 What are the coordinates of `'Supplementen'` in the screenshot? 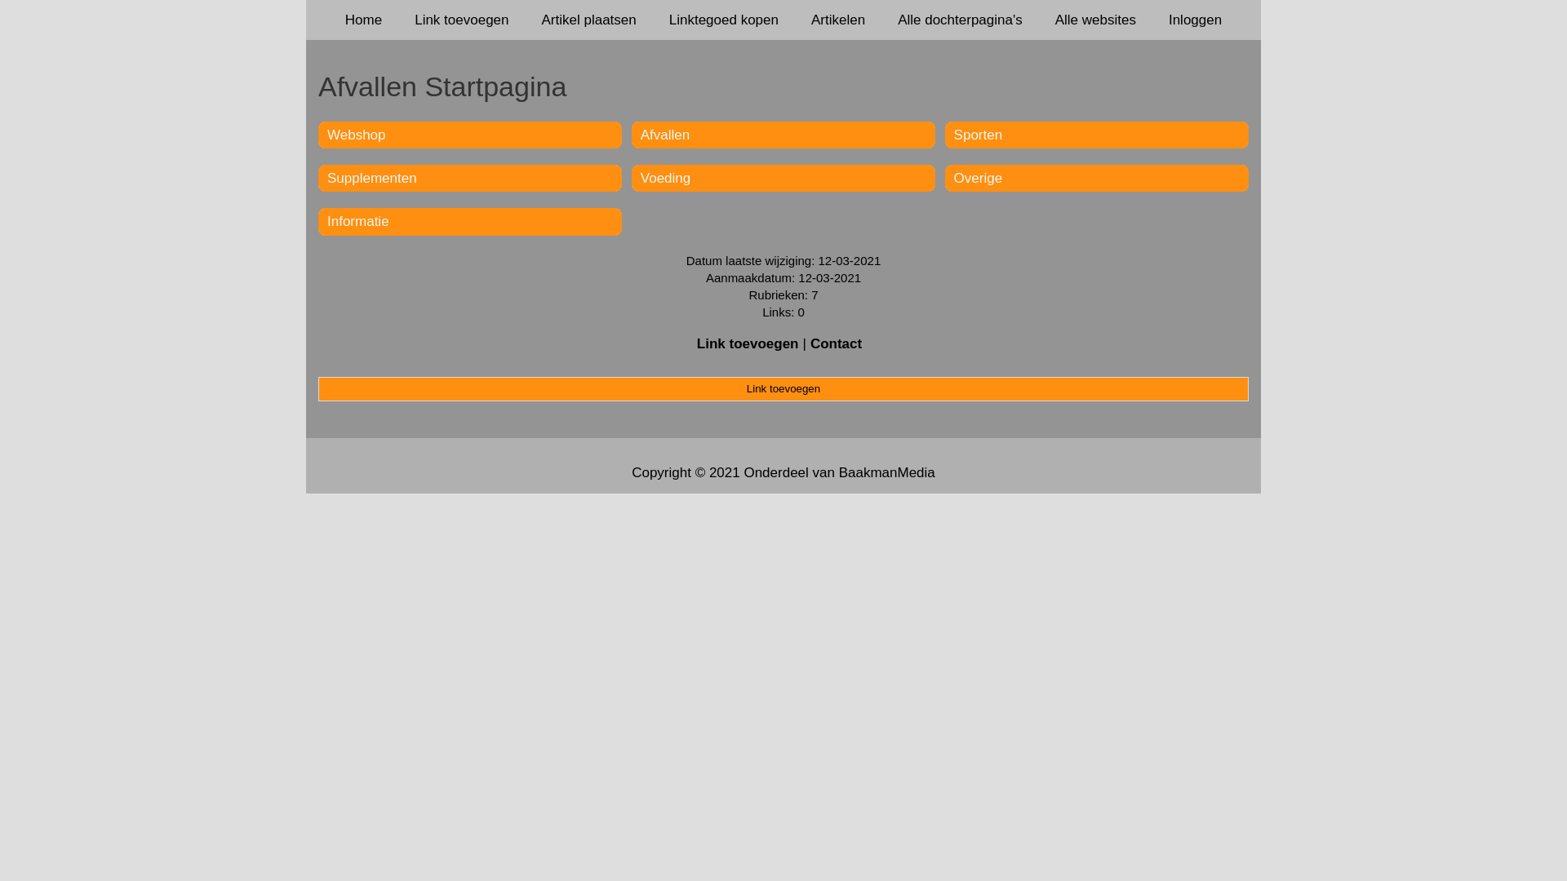 It's located at (371, 178).